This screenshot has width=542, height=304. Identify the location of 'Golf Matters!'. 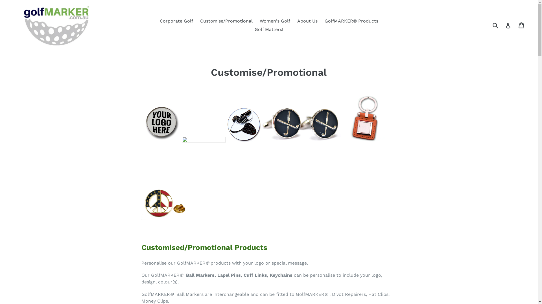
(268, 29).